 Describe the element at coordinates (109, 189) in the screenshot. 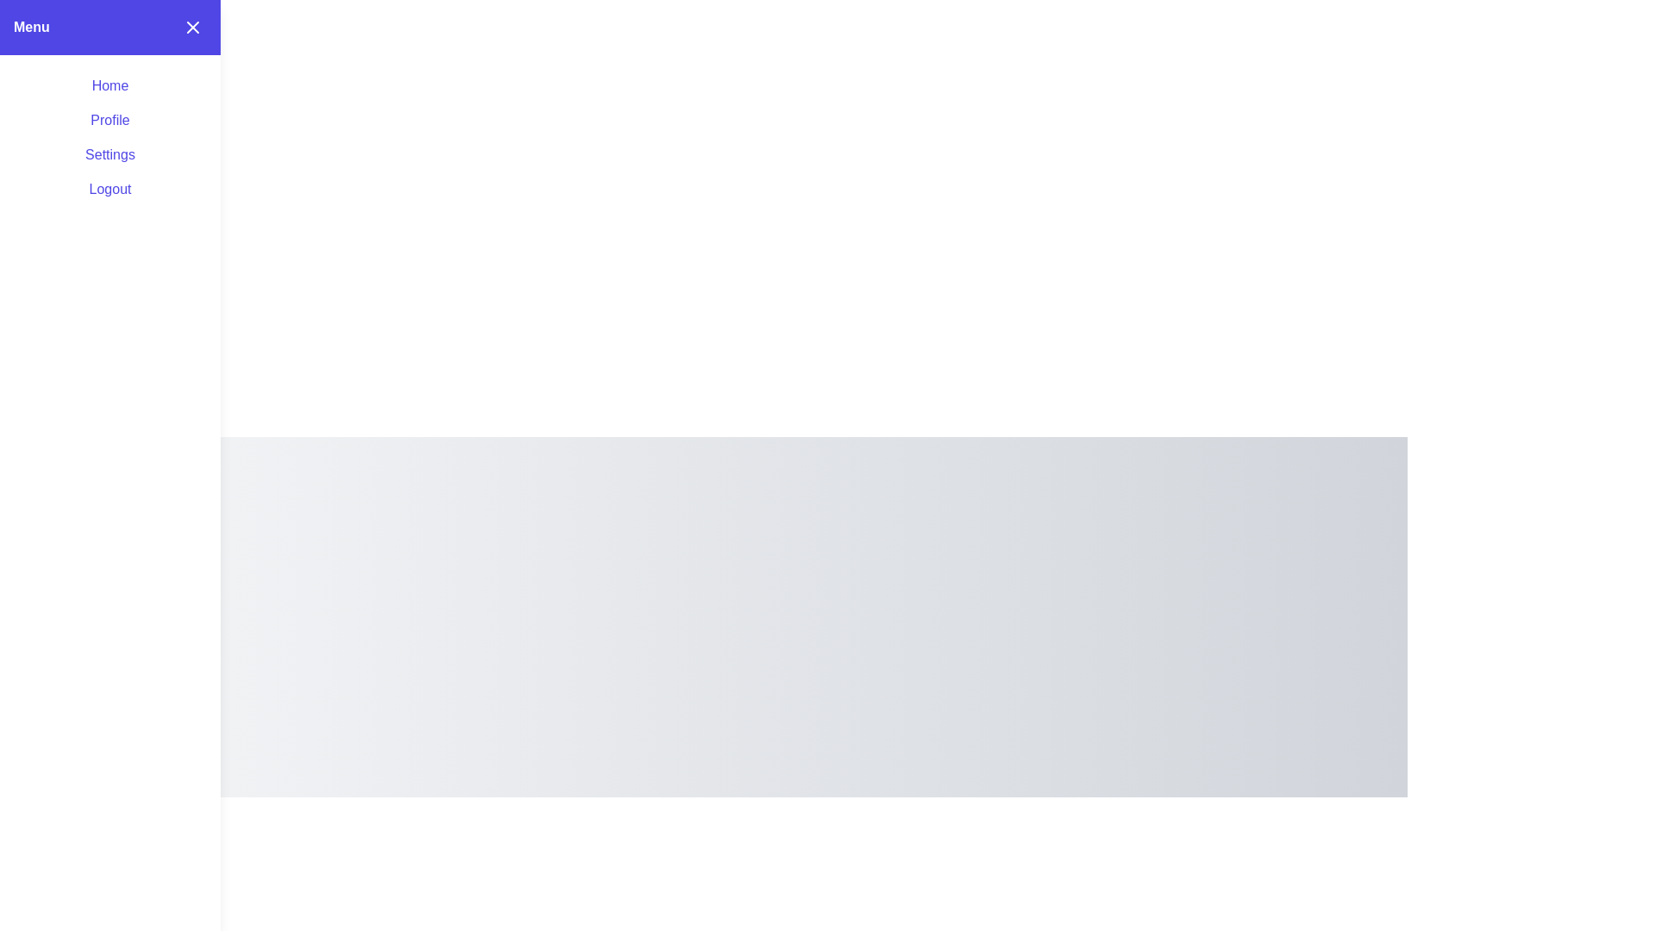

I see `the menu item labeled Logout` at that location.